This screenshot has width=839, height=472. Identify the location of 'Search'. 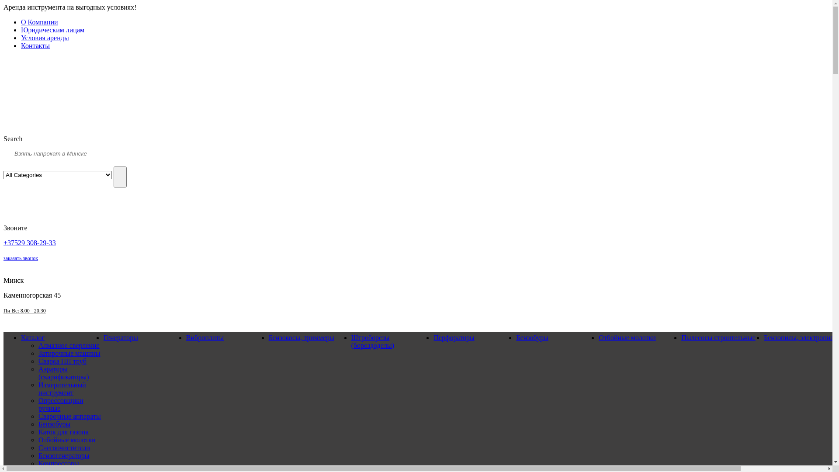
(13, 138).